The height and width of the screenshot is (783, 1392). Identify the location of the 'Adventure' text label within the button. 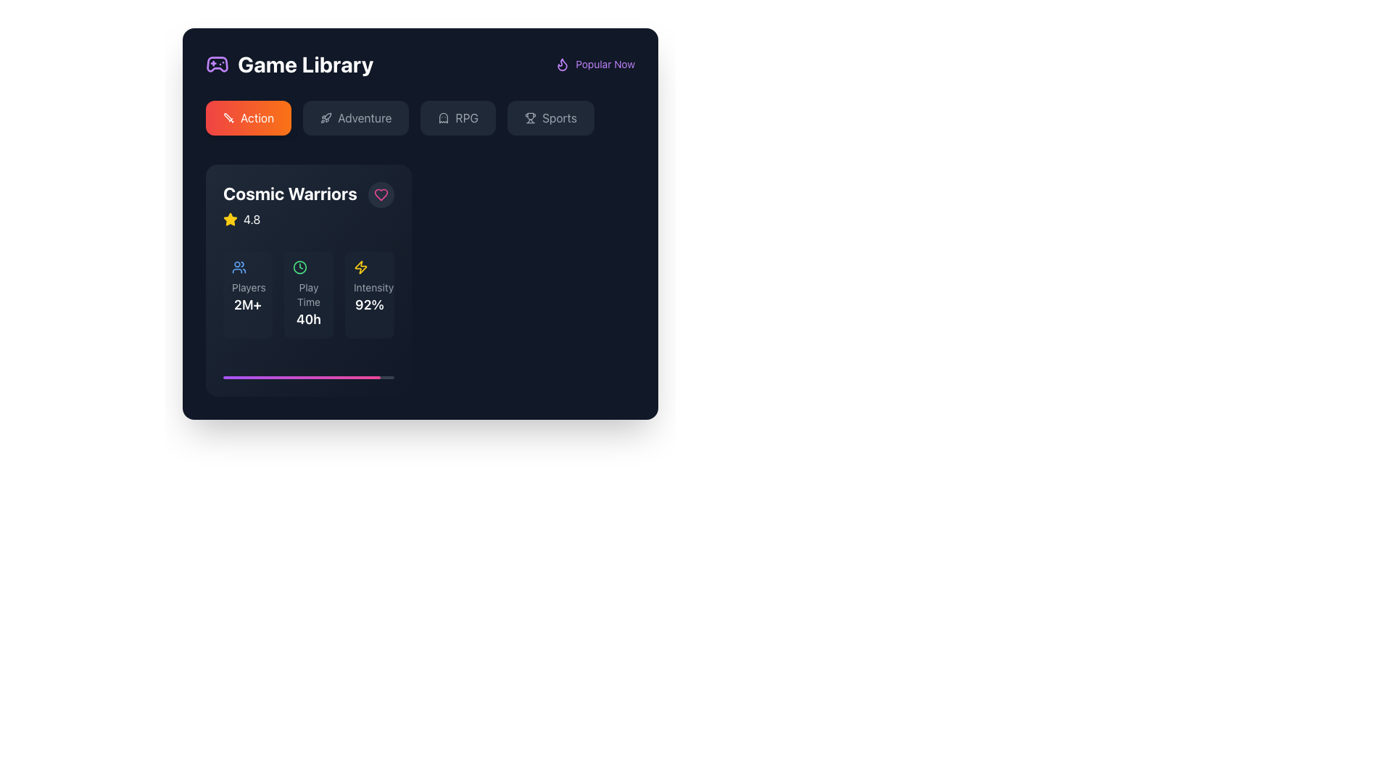
(365, 117).